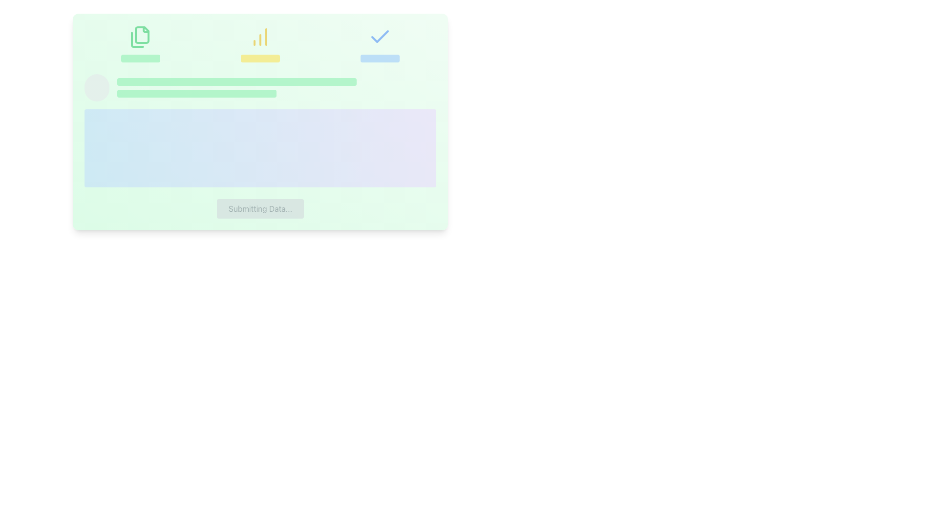 The height and width of the screenshot is (527, 938). What do you see at coordinates (380, 58) in the screenshot?
I see `the Placeholder Bar, a rectangular bar with rounded corners, filled with light blue color, located near the top right section of the interface below a checkmark icon` at bounding box center [380, 58].